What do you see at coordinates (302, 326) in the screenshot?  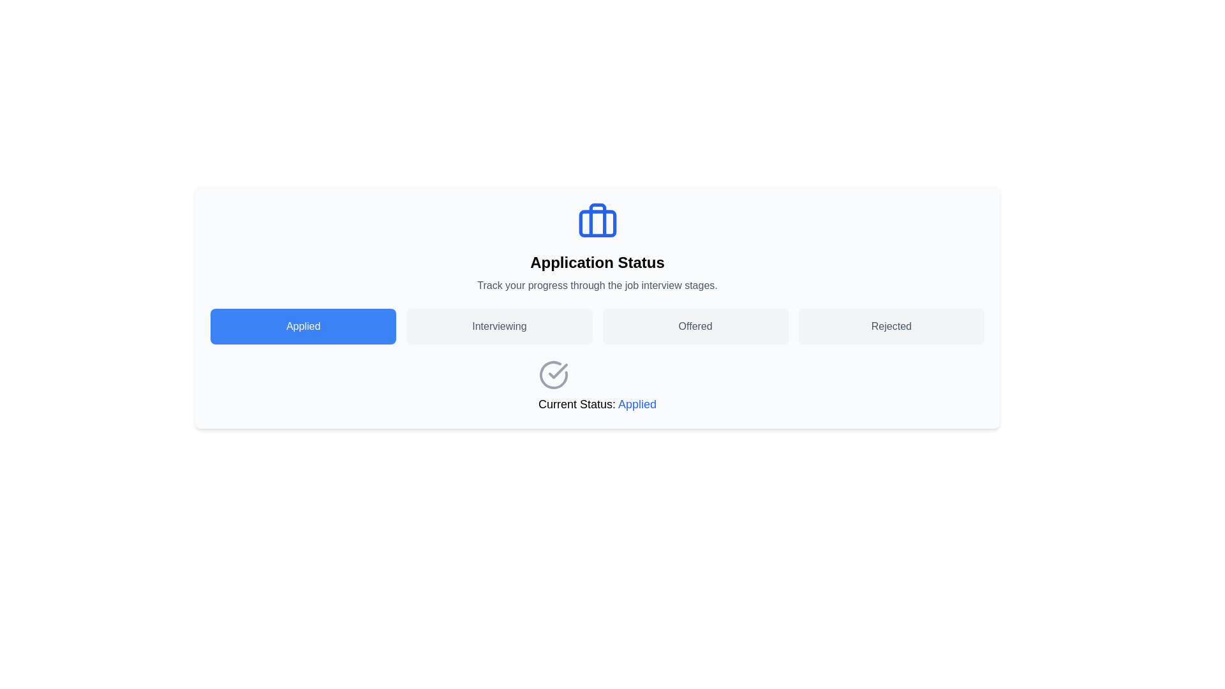 I see `the blue 'Applied' button with white text, which is the first button in a horizontal layout of four buttons` at bounding box center [302, 326].